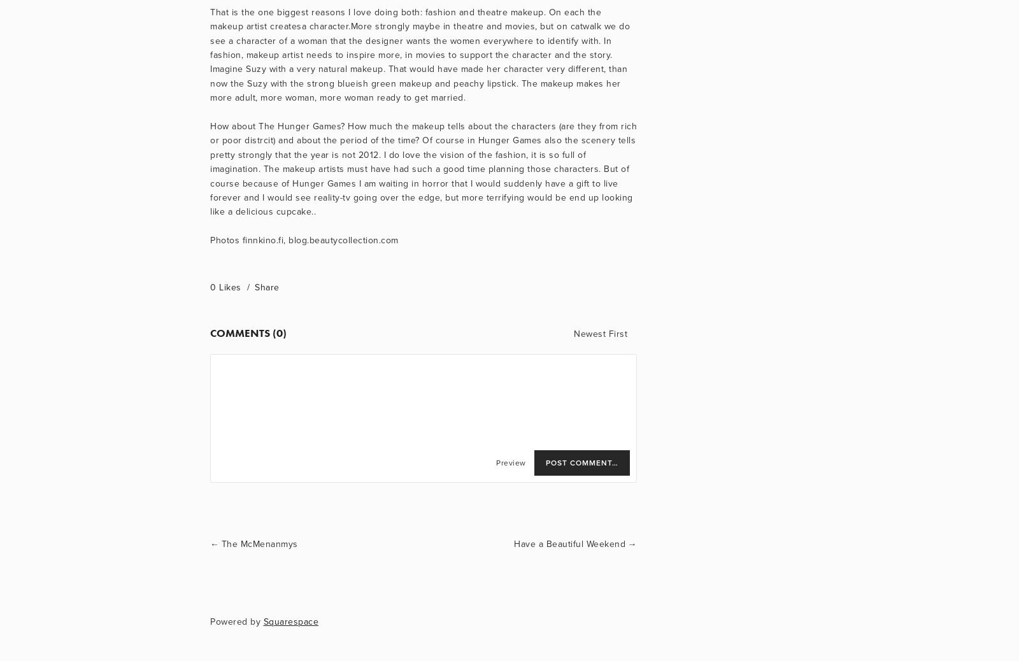  Describe the element at coordinates (420, 54) in the screenshot. I see `'That is the one biggest reasons I love doing both: fashion and theatre makeup. On each the makeup artist createsa character.More strongly maybe in theatre and movies, but on catwalk we do see a character of a woman that the designer wants the women everywhere to identify with. In fashion, makeup artist needs to inspire more, in movies to support the character and the story. Imagine Suzy with a very natural makeup. That would have made her character very different, than now the Suzy with the strong blueish green makeup and peachy lipstick. The makeup makes her more adult, more woman, more woman ready to get married.'` at that location.